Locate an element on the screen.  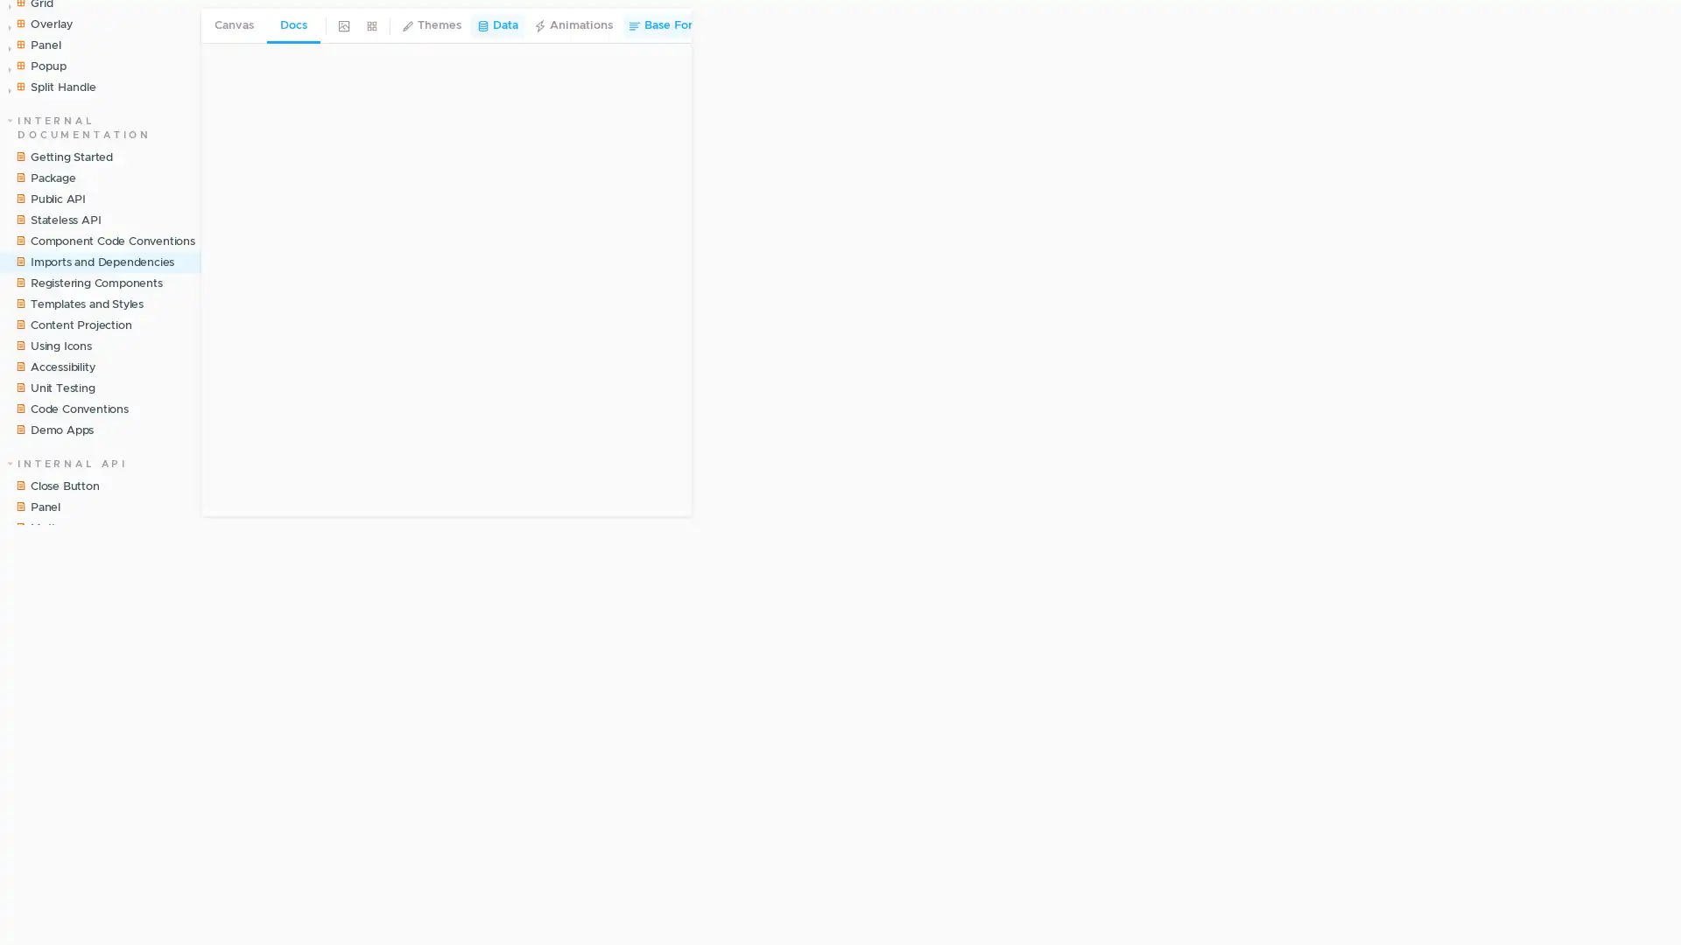
Apply outlines to the preview is located at coordinates (721, 26).